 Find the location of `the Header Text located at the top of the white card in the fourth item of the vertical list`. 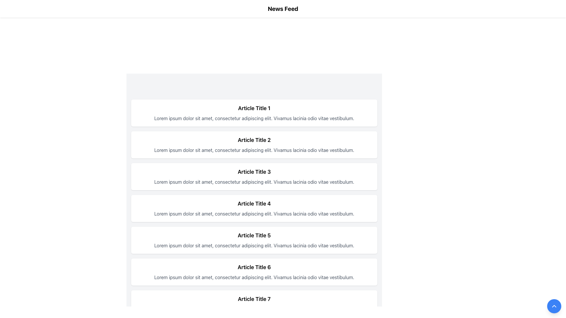

the Header Text located at the top of the white card in the fourth item of the vertical list is located at coordinates (254, 203).